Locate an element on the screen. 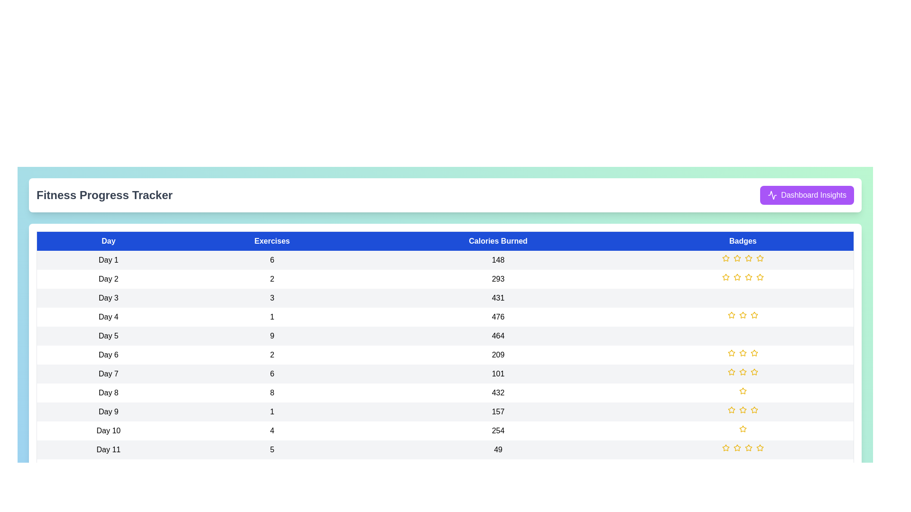 The height and width of the screenshot is (512, 911). the text 'Fitness Progress Tracker' in the header is located at coordinates (104, 195).